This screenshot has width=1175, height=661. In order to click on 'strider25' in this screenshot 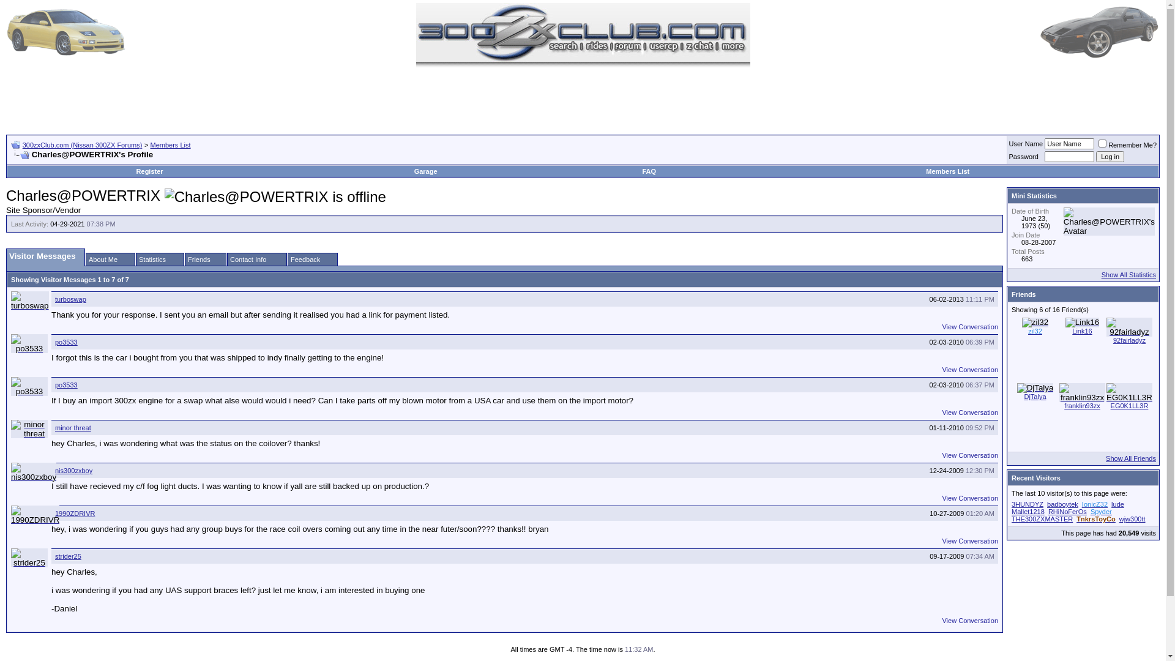, I will do `click(29, 558)`.